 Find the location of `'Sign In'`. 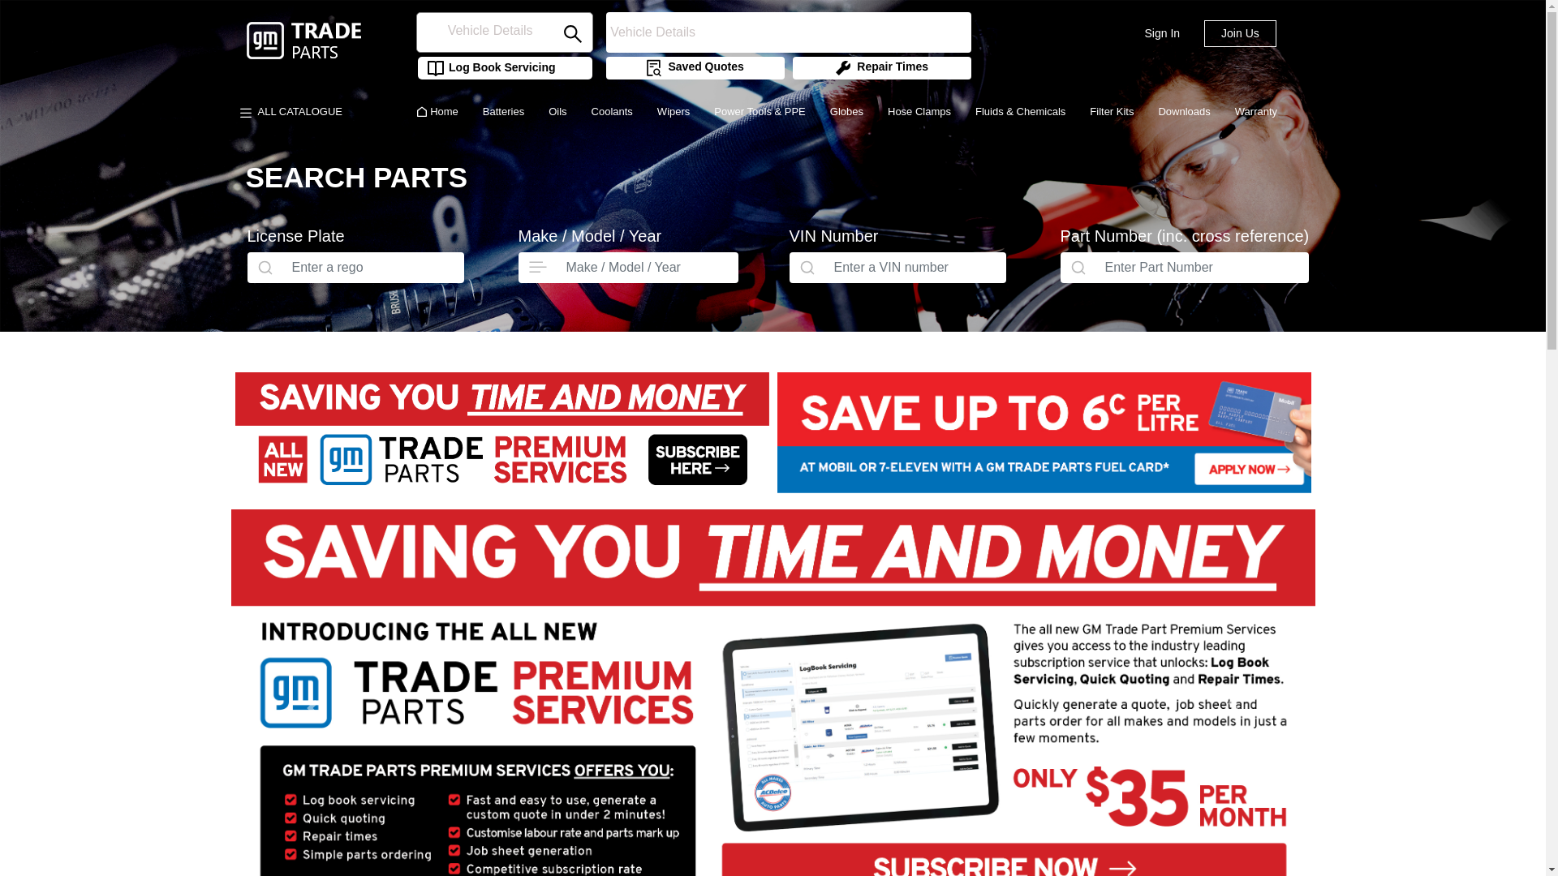

'Sign In' is located at coordinates (1160, 33).